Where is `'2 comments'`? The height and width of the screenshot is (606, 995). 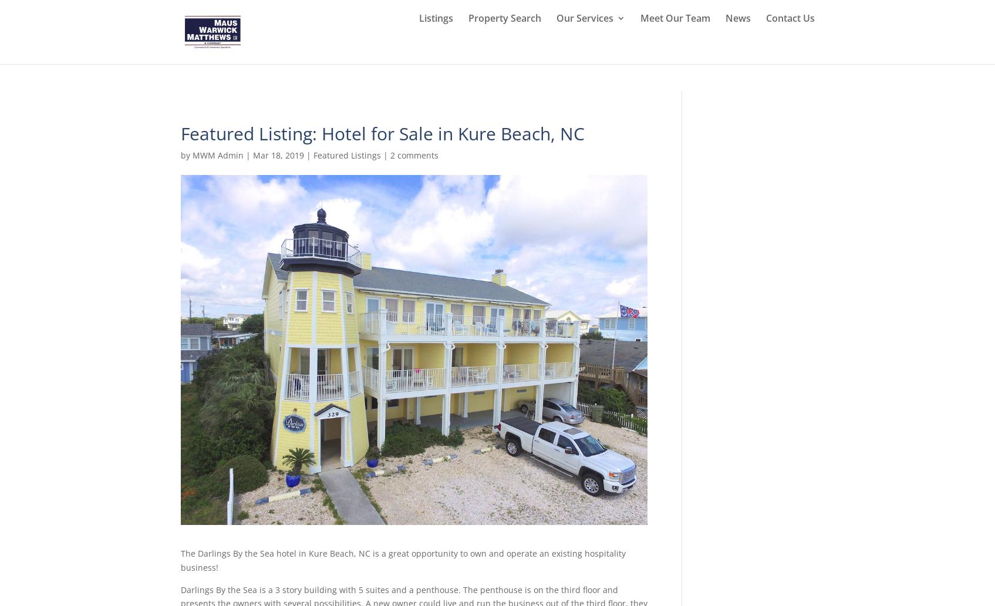
'2 comments' is located at coordinates (413, 155).